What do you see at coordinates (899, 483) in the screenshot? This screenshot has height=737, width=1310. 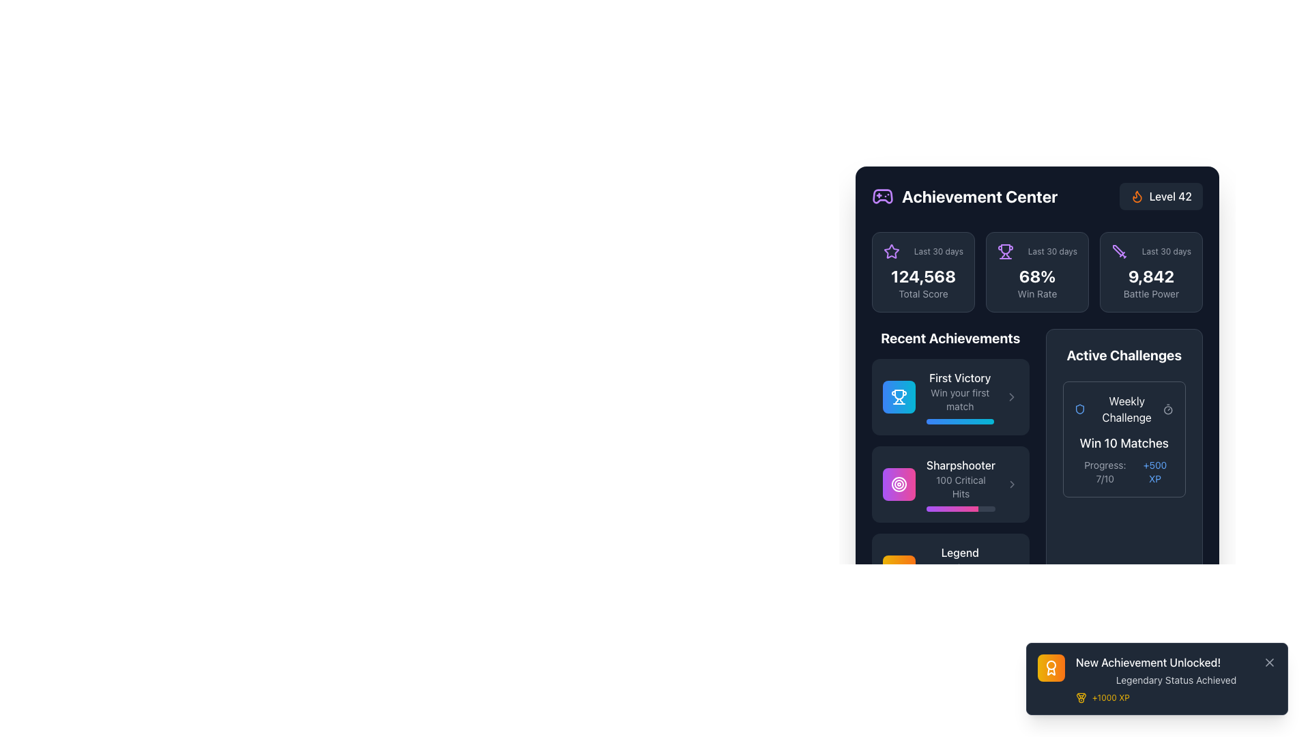 I see `the middle SVG circle component that symbolizes a target or achievement, located in the lower bottom notification-like UI cluster` at bounding box center [899, 483].